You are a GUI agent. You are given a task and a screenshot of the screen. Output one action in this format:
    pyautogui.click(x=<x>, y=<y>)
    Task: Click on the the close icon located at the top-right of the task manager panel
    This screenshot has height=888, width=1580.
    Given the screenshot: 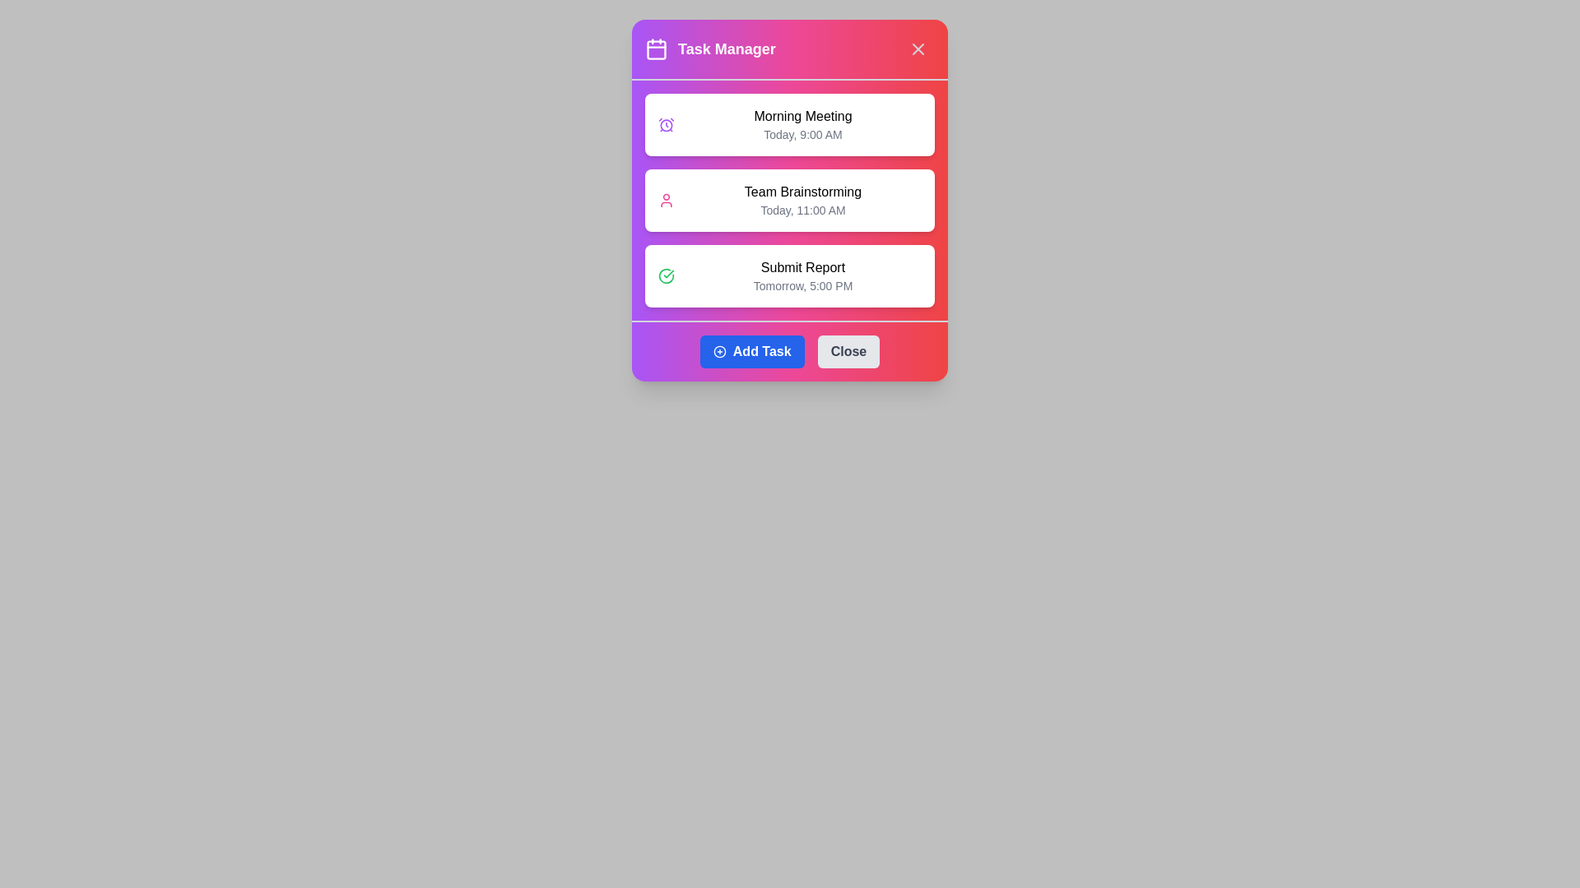 What is the action you would take?
    pyautogui.click(x=918, y=49)
    